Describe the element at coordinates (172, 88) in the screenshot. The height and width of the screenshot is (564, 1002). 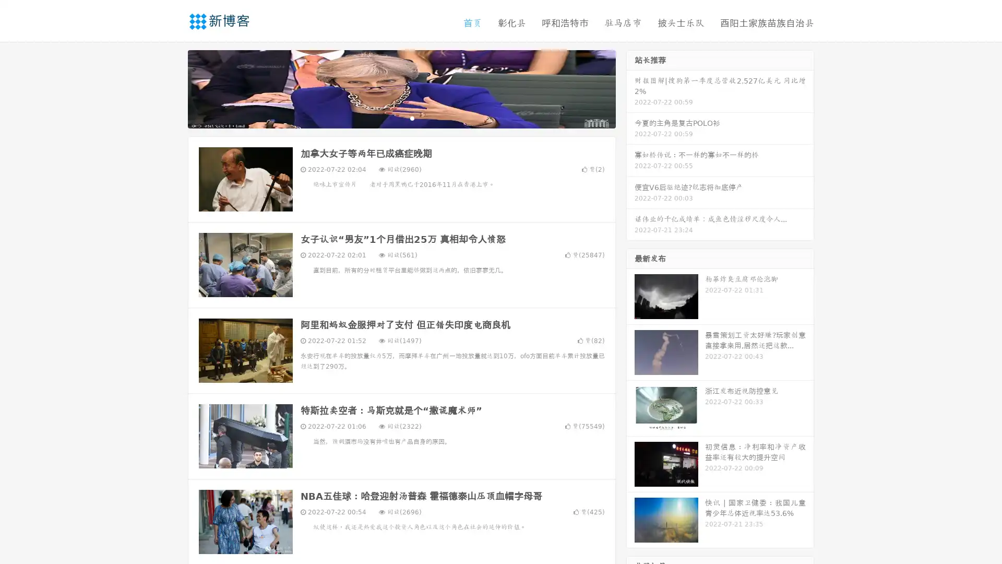
I see `Previous slide` at that location.